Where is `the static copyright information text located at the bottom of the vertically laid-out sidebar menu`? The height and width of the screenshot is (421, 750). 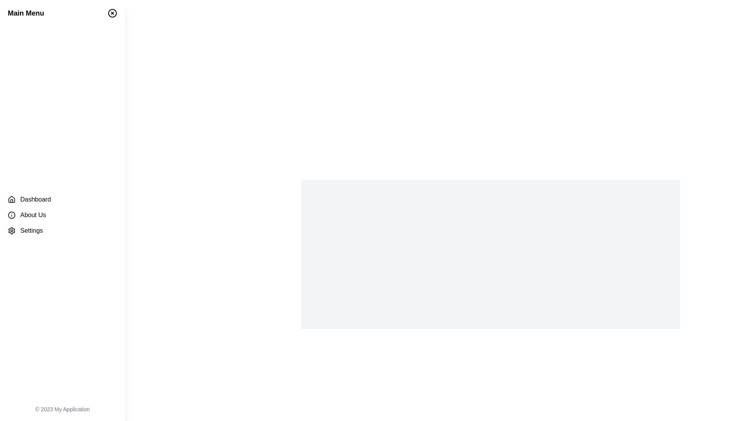 the static copyright information text located at the bottom of the vertically laid-out sidebar menu is located at coordinates (62, 409).